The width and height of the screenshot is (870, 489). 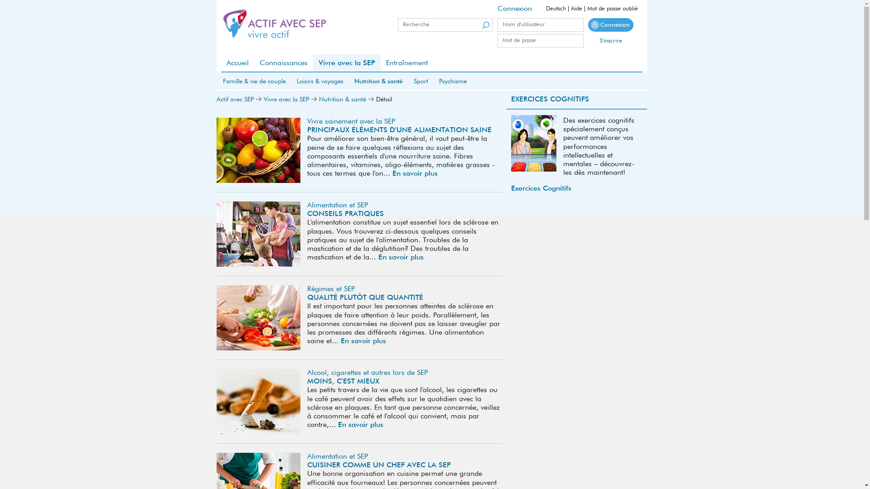 What do you see at coordinates (480, 25) in the screenshot?
I see `'Suchen'` at bounding box center [480, 25].